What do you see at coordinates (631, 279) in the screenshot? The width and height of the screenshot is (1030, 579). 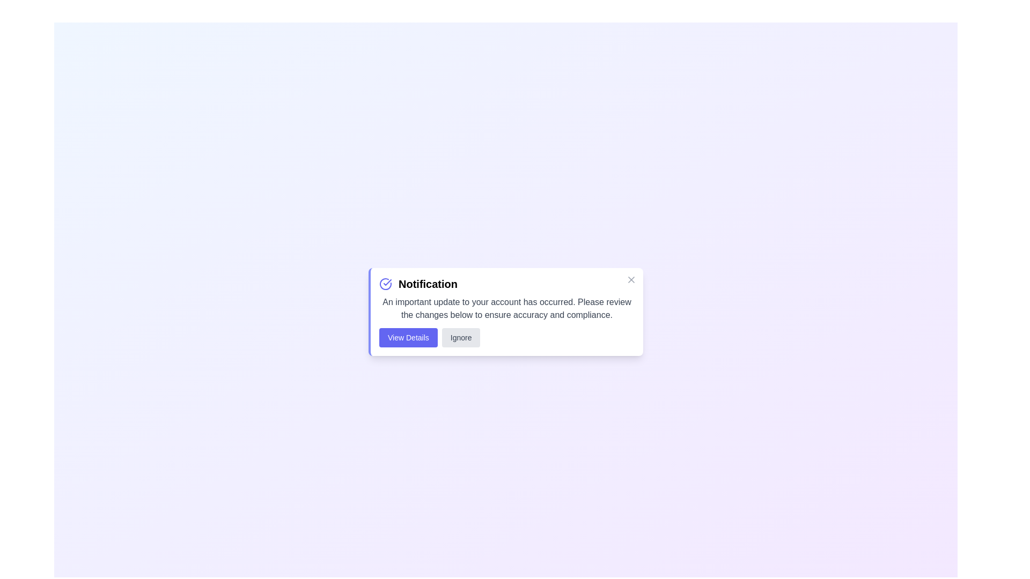 I see `the close button to dismiss the notification panel` at bounding box center [631, 279].